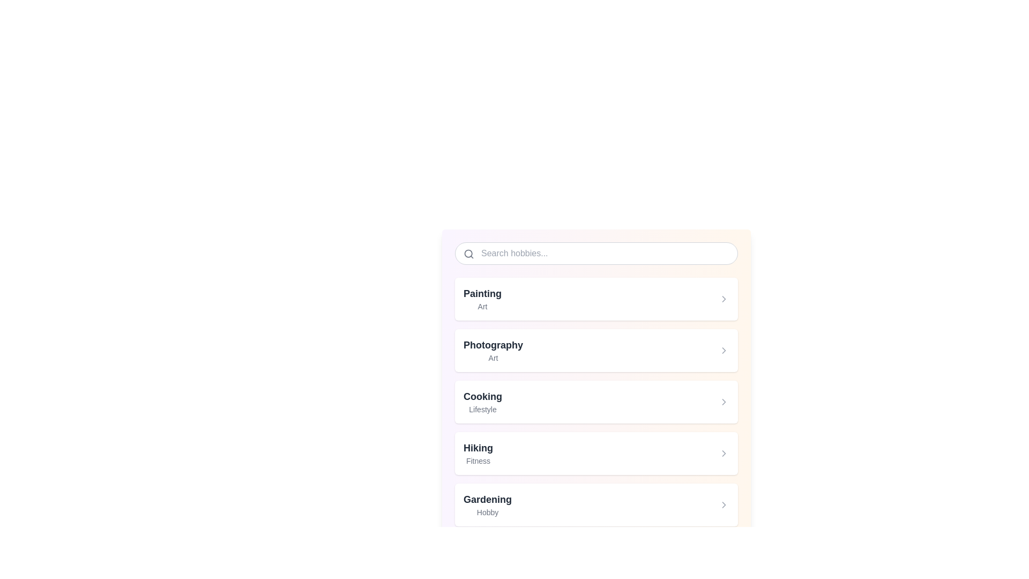 Image resolution: width=1029 pixels, height=579 pixels. I want to click on the 'Cooking' text label, which is the third item in a list of hobbies, so click(482, 402).